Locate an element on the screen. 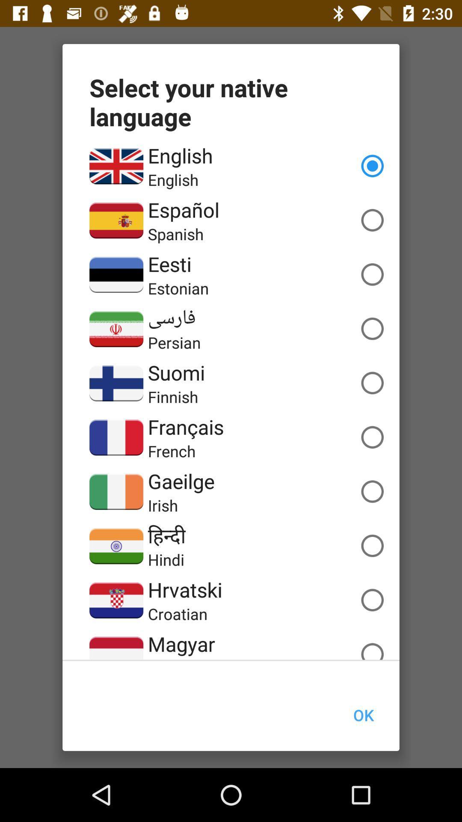  the gaeilge icon is located at coordinates (181, 481).